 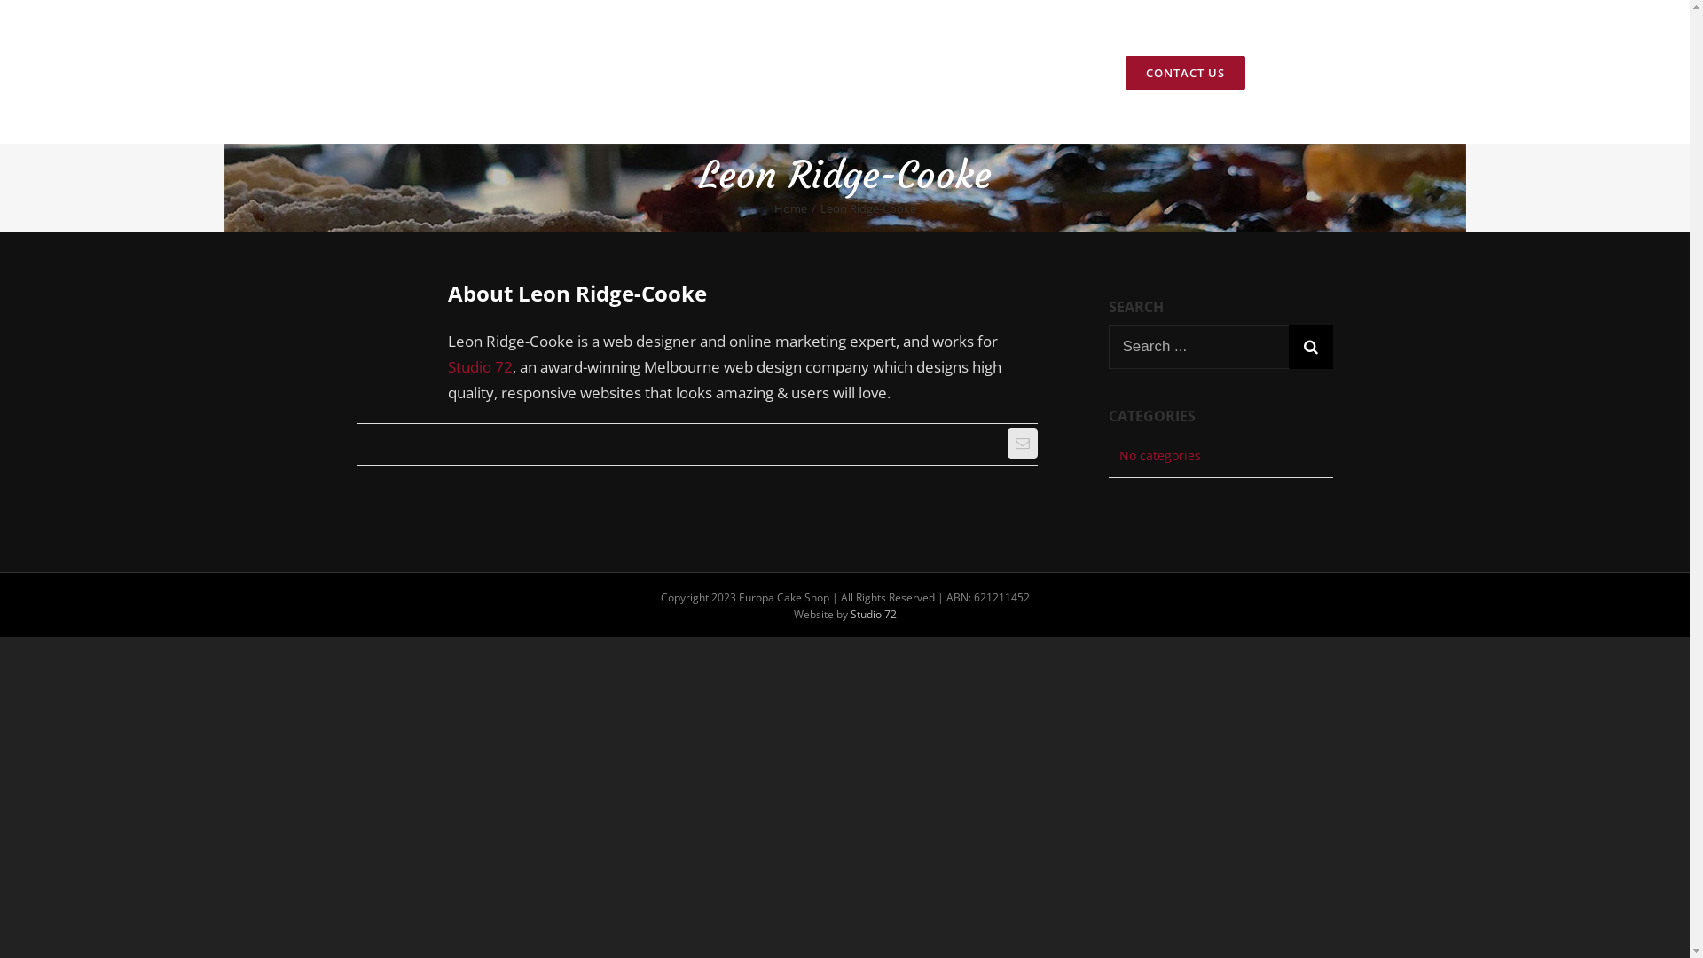 What do you see at coordinates (881, 71) in the screenshot?
I see `'OUR STORY'` at bounding box center [881, 71].